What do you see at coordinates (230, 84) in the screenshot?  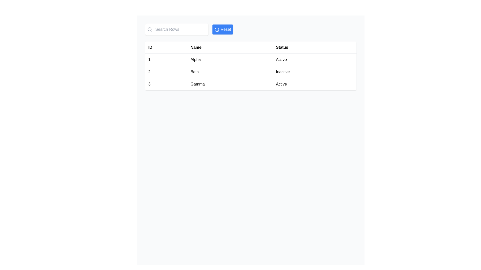 I see `the table cell containing the name 'Gamma', which is the second cell in the third row of the table` at bounding box center [230, 84].